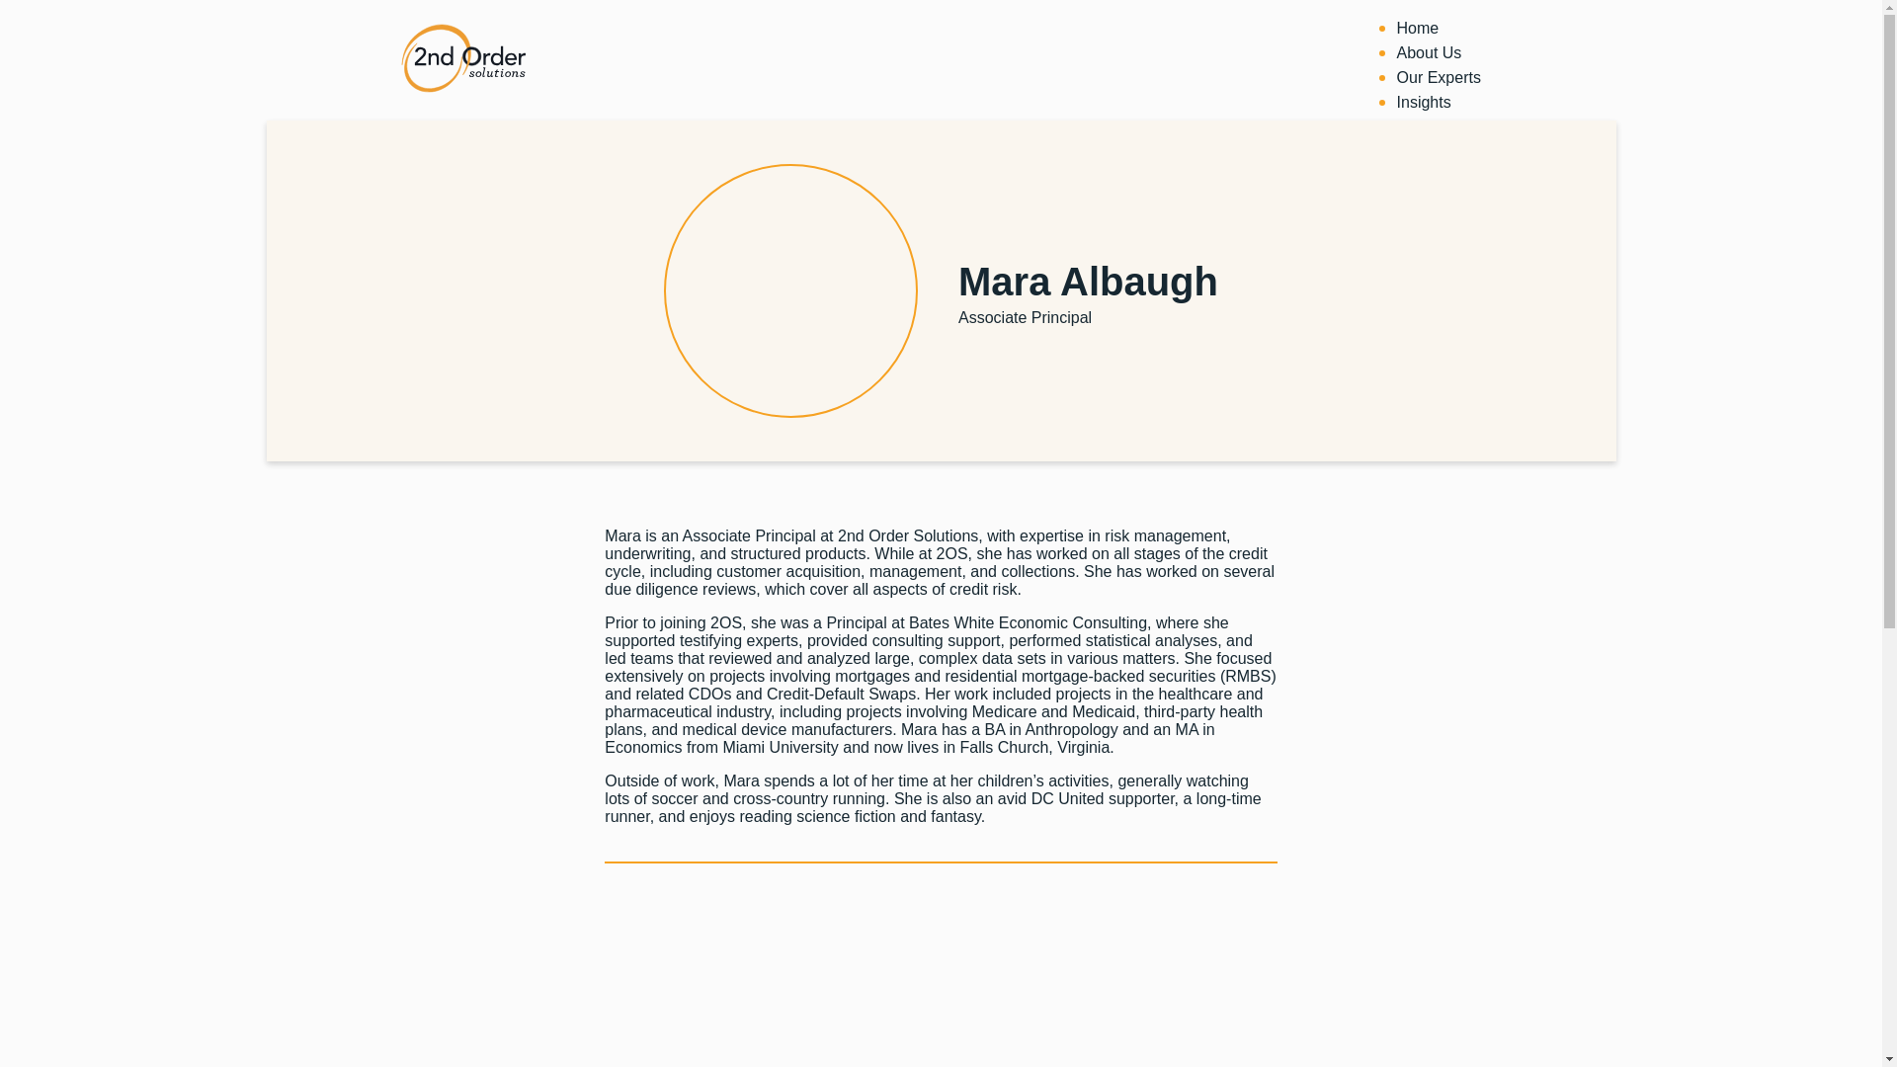 Image resolution: width=1897 pixels, height=1067 pixels. What do you see at coordinates (1087, 282) in the screenshot?
I see `'Mara Albaugh'` at bounding box center [1087, 282].